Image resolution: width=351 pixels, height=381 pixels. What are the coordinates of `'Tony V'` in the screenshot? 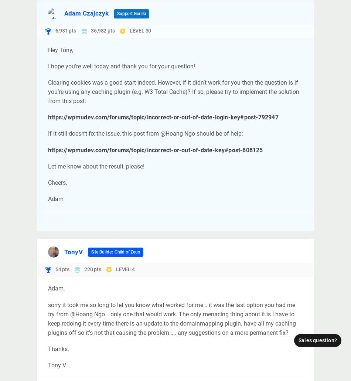 It's located at (57, 365).